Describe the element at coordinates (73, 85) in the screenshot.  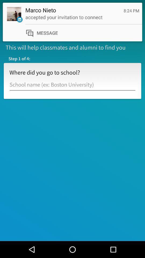
I see `input field` at that location.